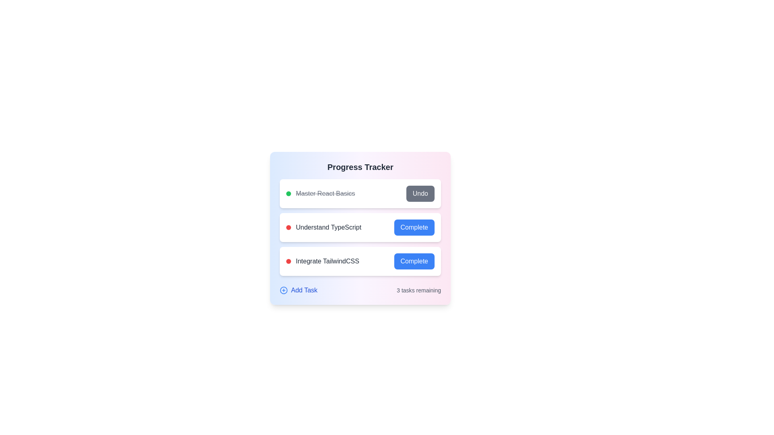  Describe the element at coordinates (288, 227) in the screenshot. I see `the circular Indicator Icon located to the left of the text 'Understand TypeScript' in the 'Progress Tracker' widget` at that location.